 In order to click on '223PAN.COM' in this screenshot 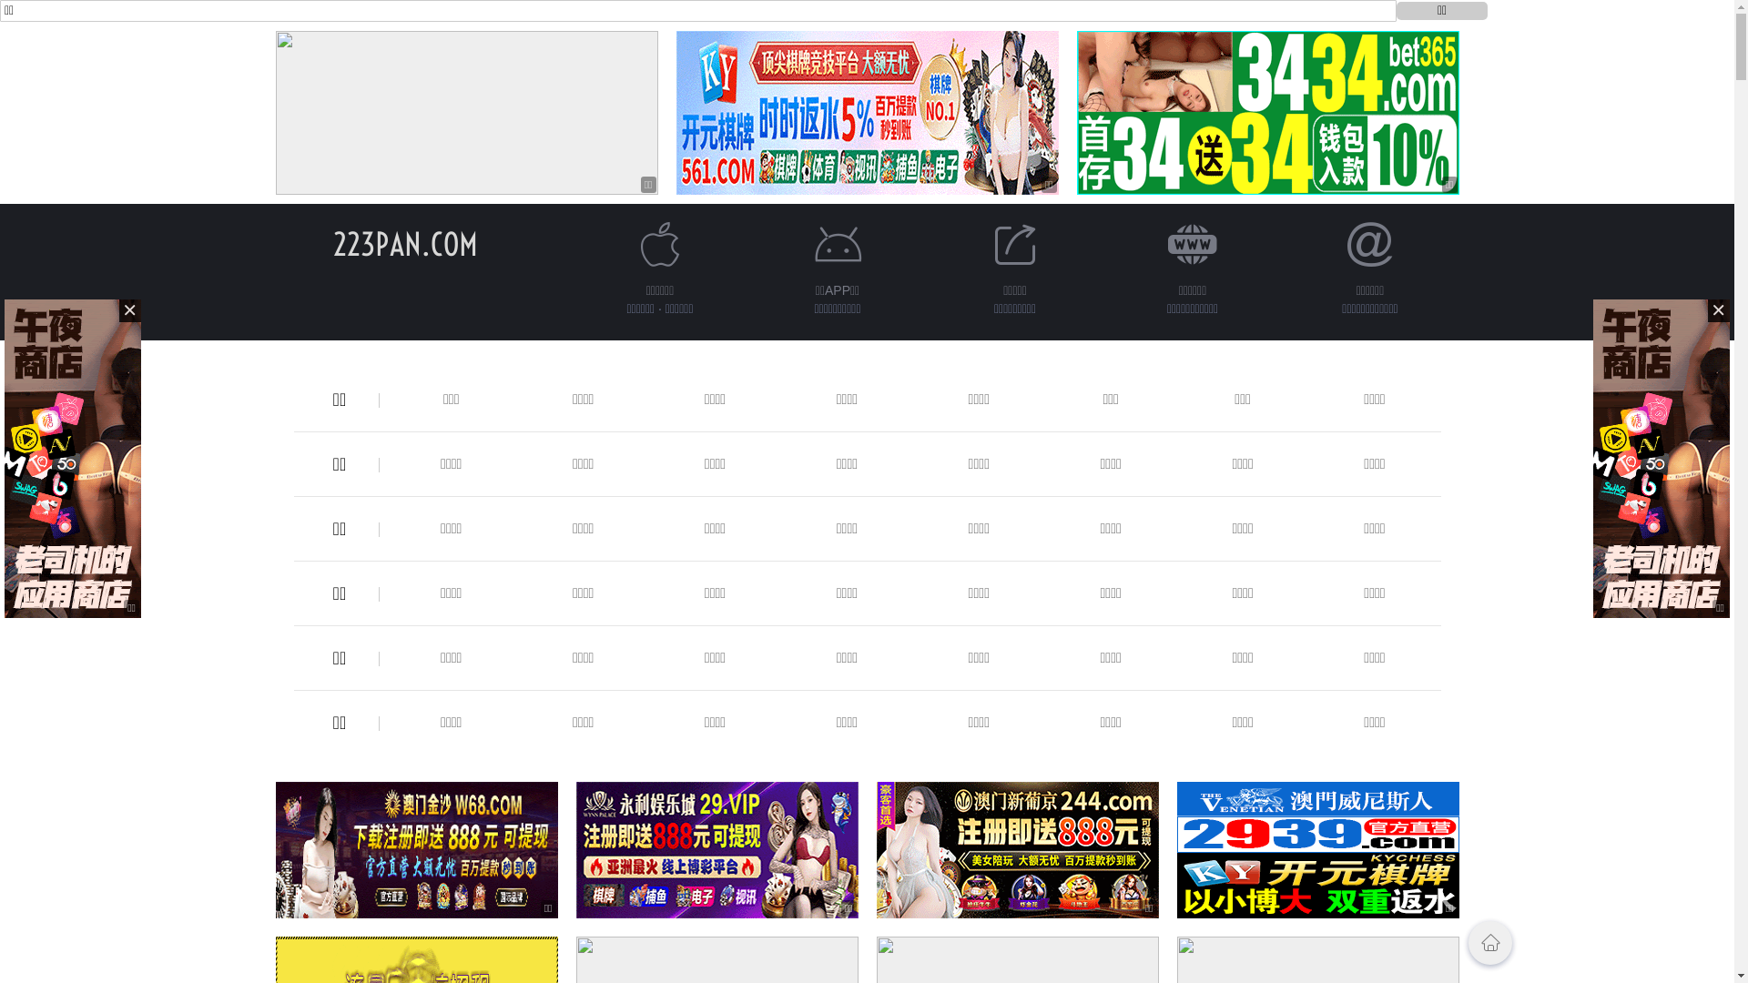, I will do `click(404, 243)`.